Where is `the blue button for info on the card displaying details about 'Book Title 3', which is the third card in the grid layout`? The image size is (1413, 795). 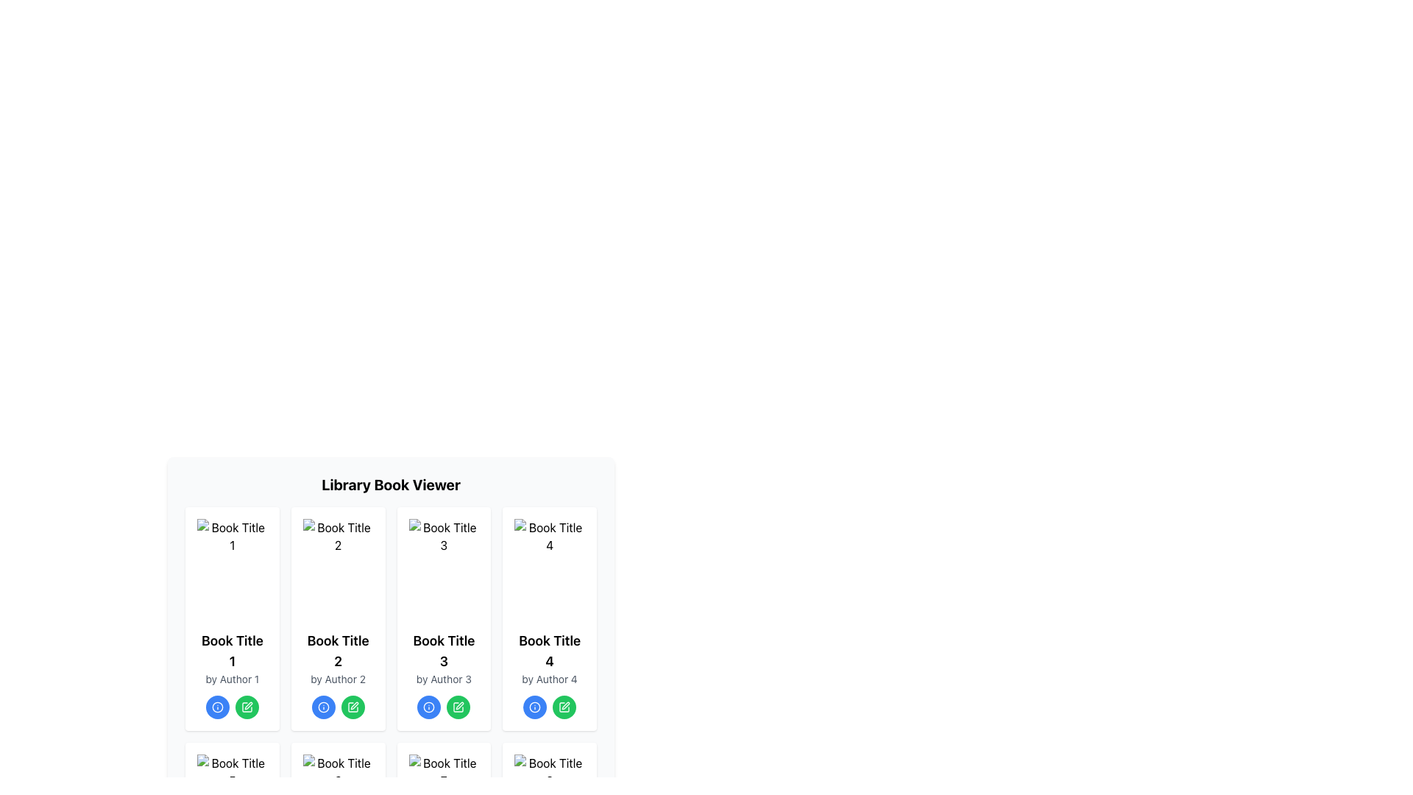
the blue button for info on the card displaying details about 'Book Title 3', which is the third card in the grid layout is located at coordinates (443, 618).